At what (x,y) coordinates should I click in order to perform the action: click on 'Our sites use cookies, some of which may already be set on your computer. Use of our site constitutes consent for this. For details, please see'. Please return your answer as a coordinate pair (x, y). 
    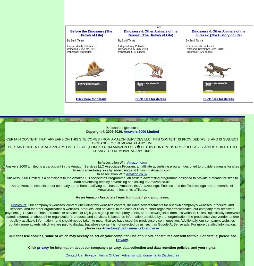
    Looking at the image, I should click on (122, 236).